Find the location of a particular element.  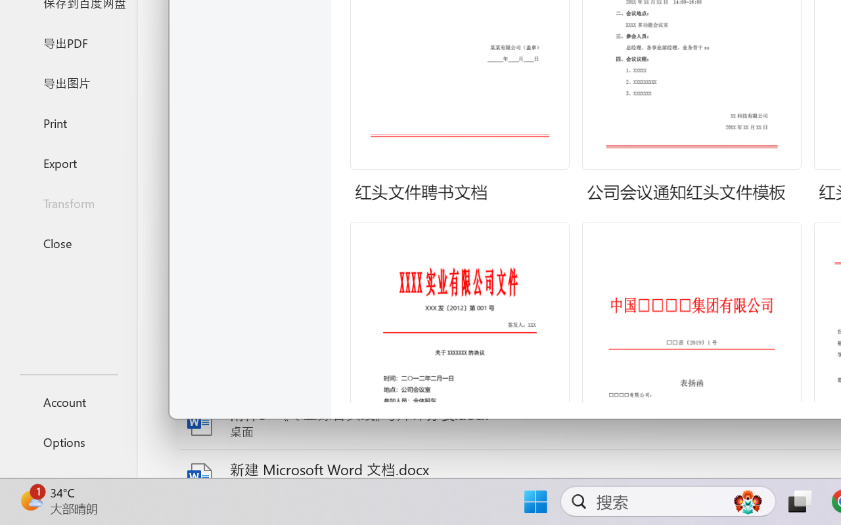

'Export' is located at coordinates (68, 162).